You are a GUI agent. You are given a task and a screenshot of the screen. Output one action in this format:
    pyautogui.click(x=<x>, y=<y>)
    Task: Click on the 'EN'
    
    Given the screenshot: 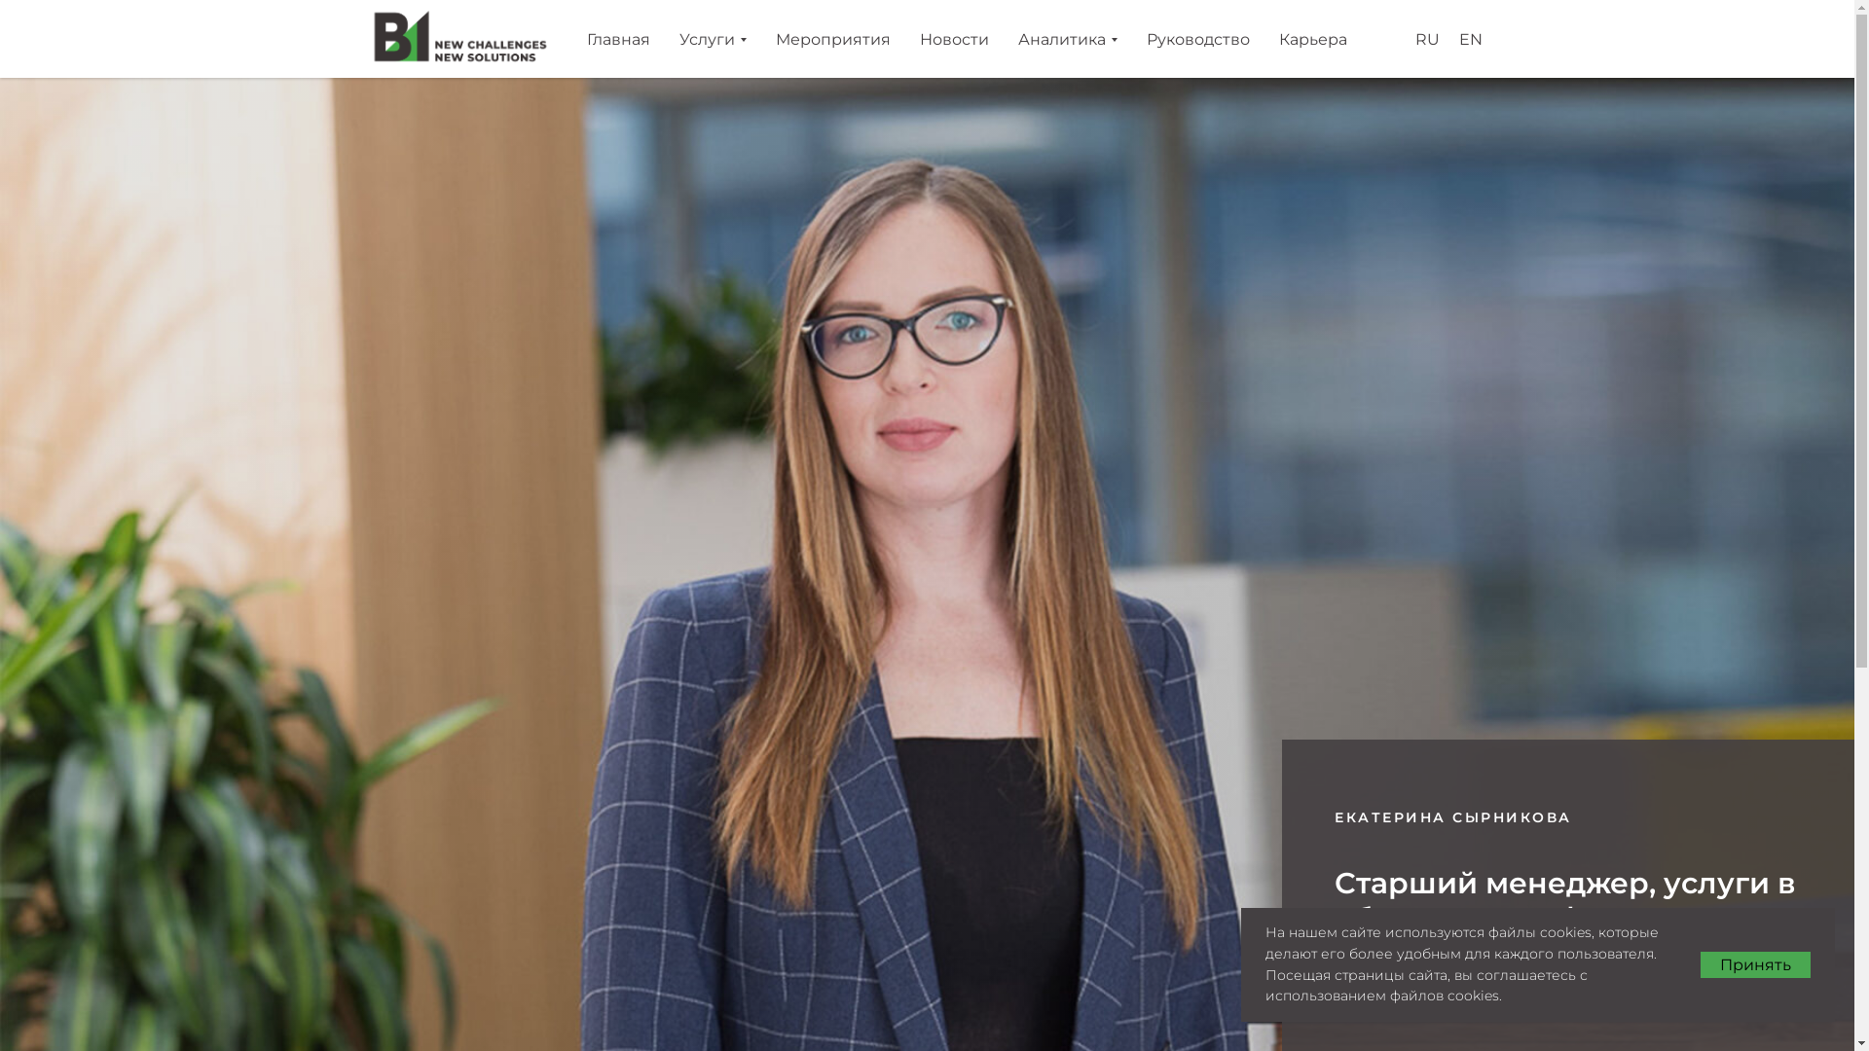 What is the action you would take?
    pyautogui.click(x=1470, y=38)
    